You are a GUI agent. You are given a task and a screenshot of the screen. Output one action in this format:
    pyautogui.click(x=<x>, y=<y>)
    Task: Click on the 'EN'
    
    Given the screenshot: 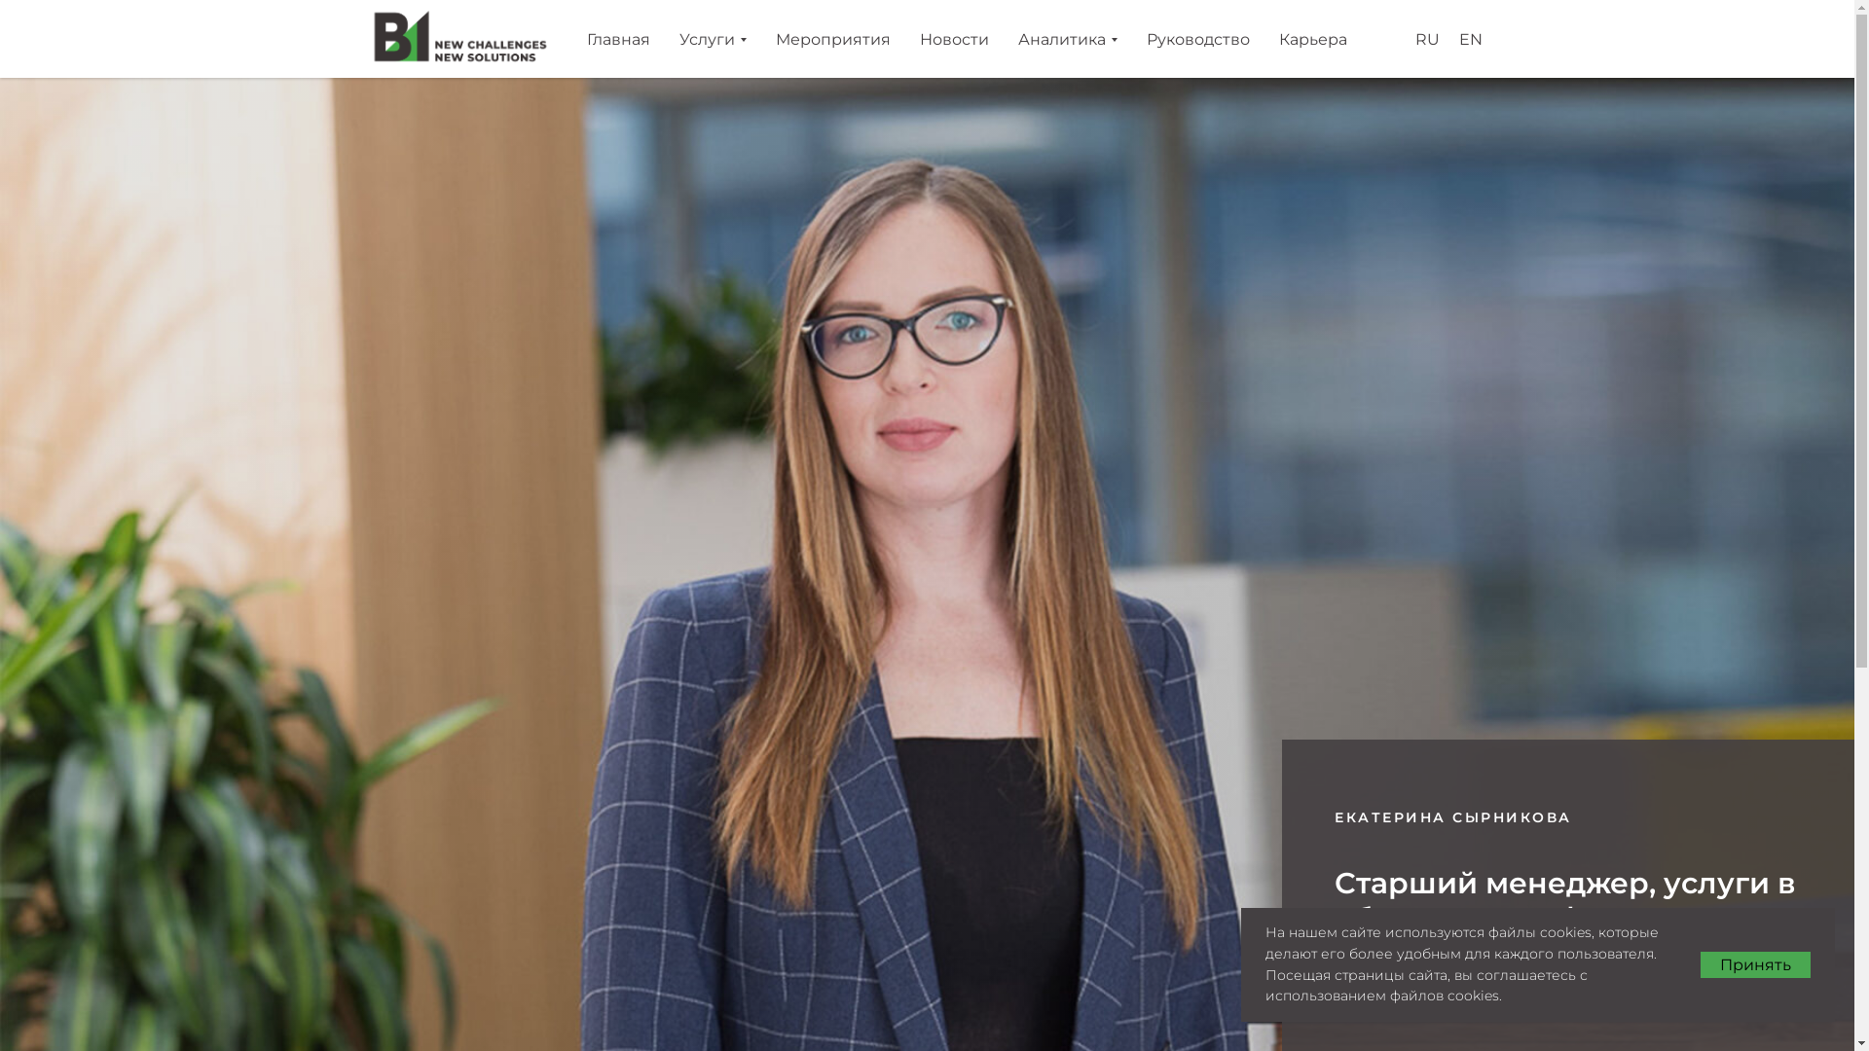 What is the action you would take?
    pyautogui.click(x=1470, y=38)
    